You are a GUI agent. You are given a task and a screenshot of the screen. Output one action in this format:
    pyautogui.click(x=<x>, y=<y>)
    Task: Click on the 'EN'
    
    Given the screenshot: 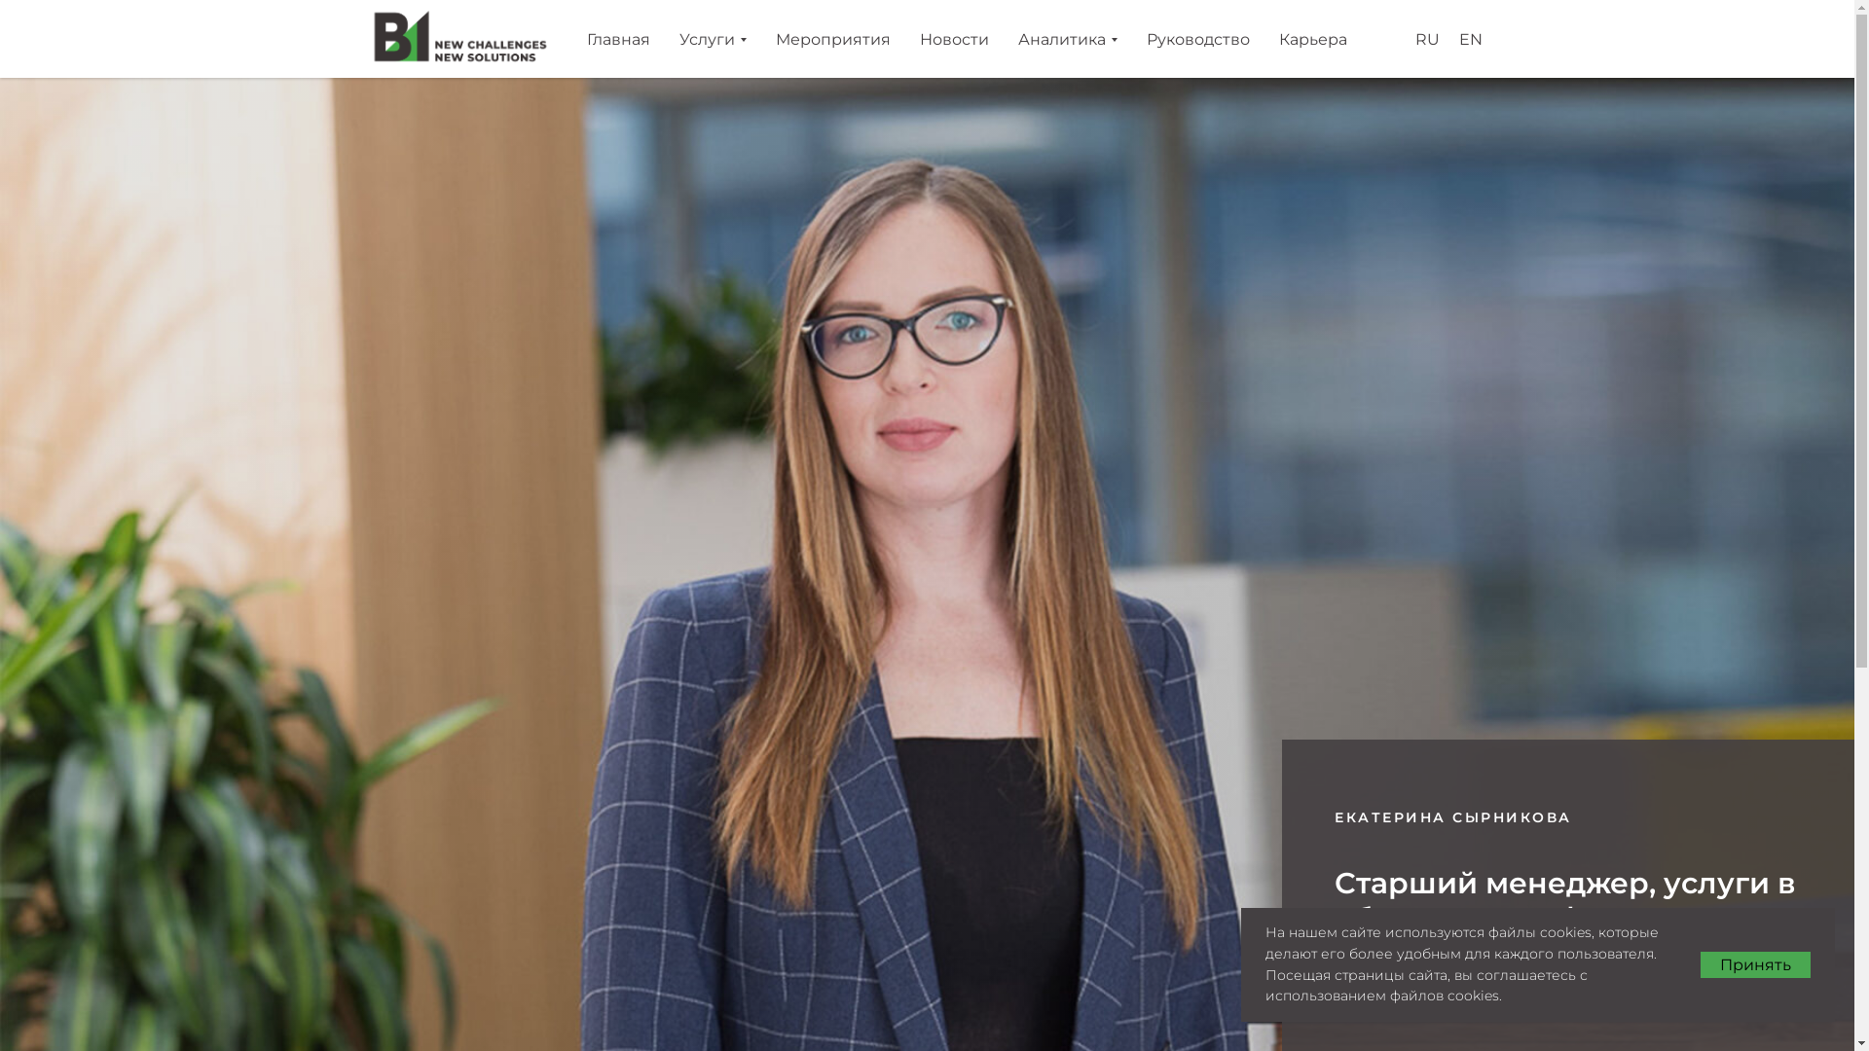 What is the action you would take?
    pyautogui.click(x=1470, y=38)
    